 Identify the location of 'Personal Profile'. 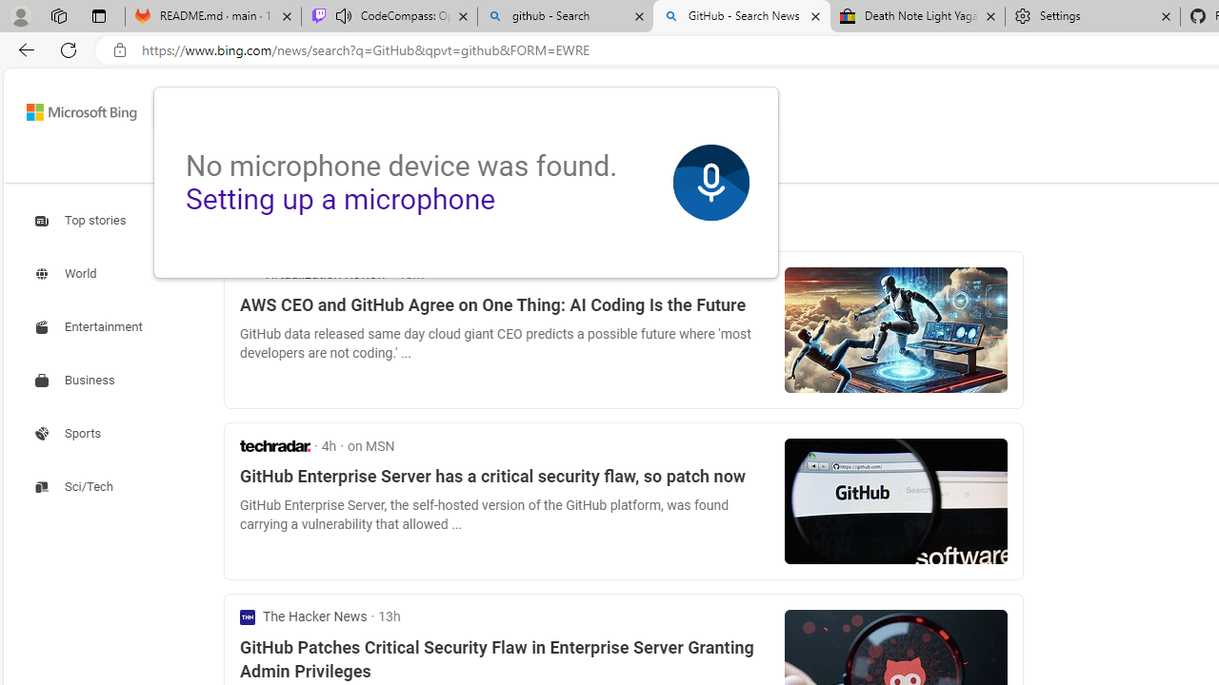
(20, 15).